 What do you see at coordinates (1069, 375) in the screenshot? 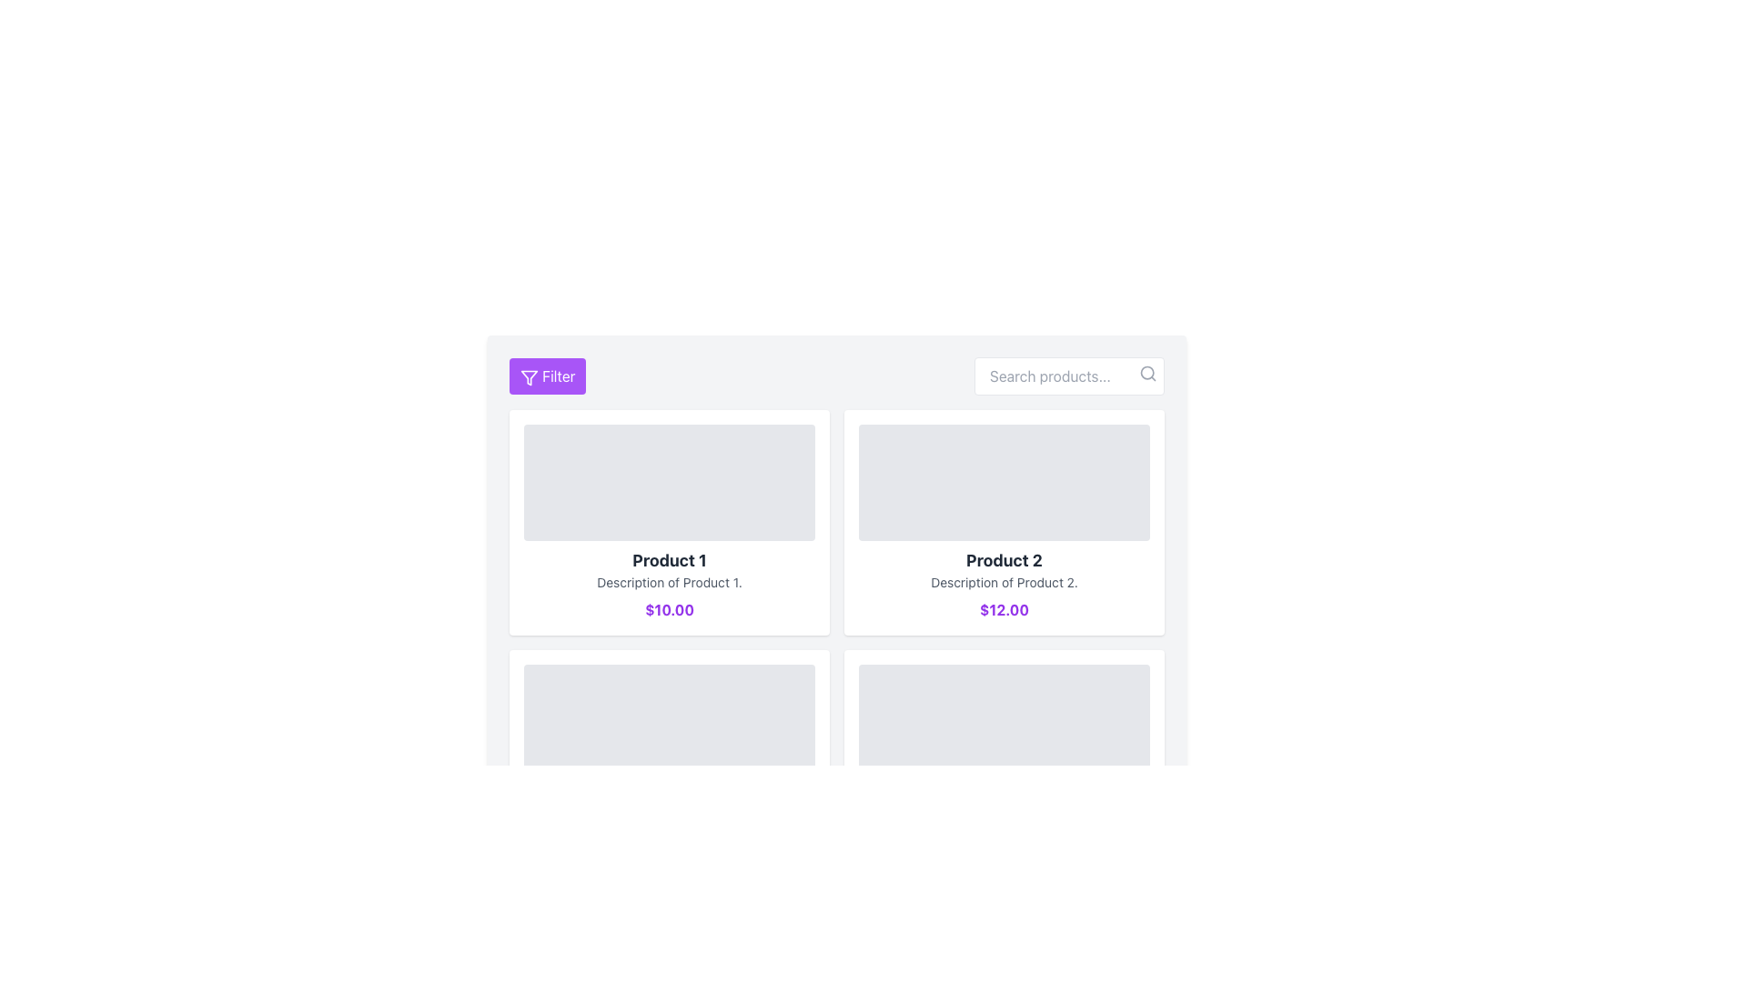
I see `the search input field with placeholder text 'Search products...' to focus and type in it` at bounding box center [1069, 375].